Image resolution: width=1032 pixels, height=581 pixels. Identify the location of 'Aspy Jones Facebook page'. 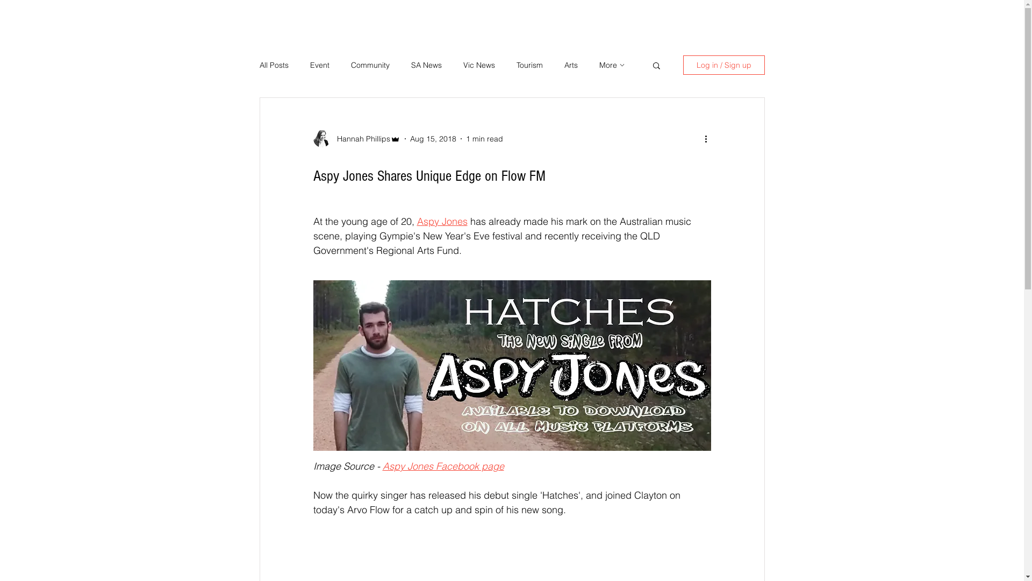
(443, 465).